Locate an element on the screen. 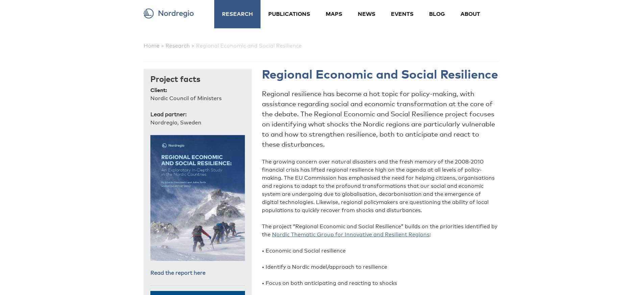 This screenshot has width=642, height=295. 'The project “Regional Economic and Social Resilience” builds on the priorities identified by the' is located at coordinates (379, 230).